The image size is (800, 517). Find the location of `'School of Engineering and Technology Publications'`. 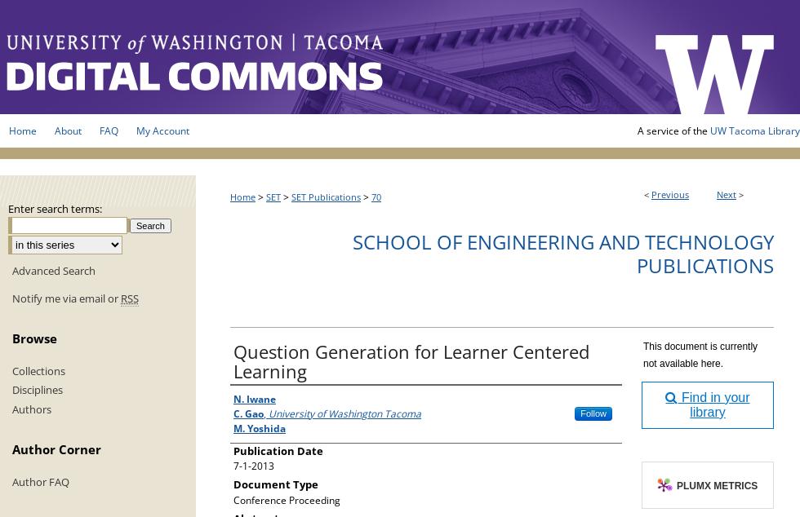

'School of Engineering and Technology Publications' is located at coordinates (352, 252).